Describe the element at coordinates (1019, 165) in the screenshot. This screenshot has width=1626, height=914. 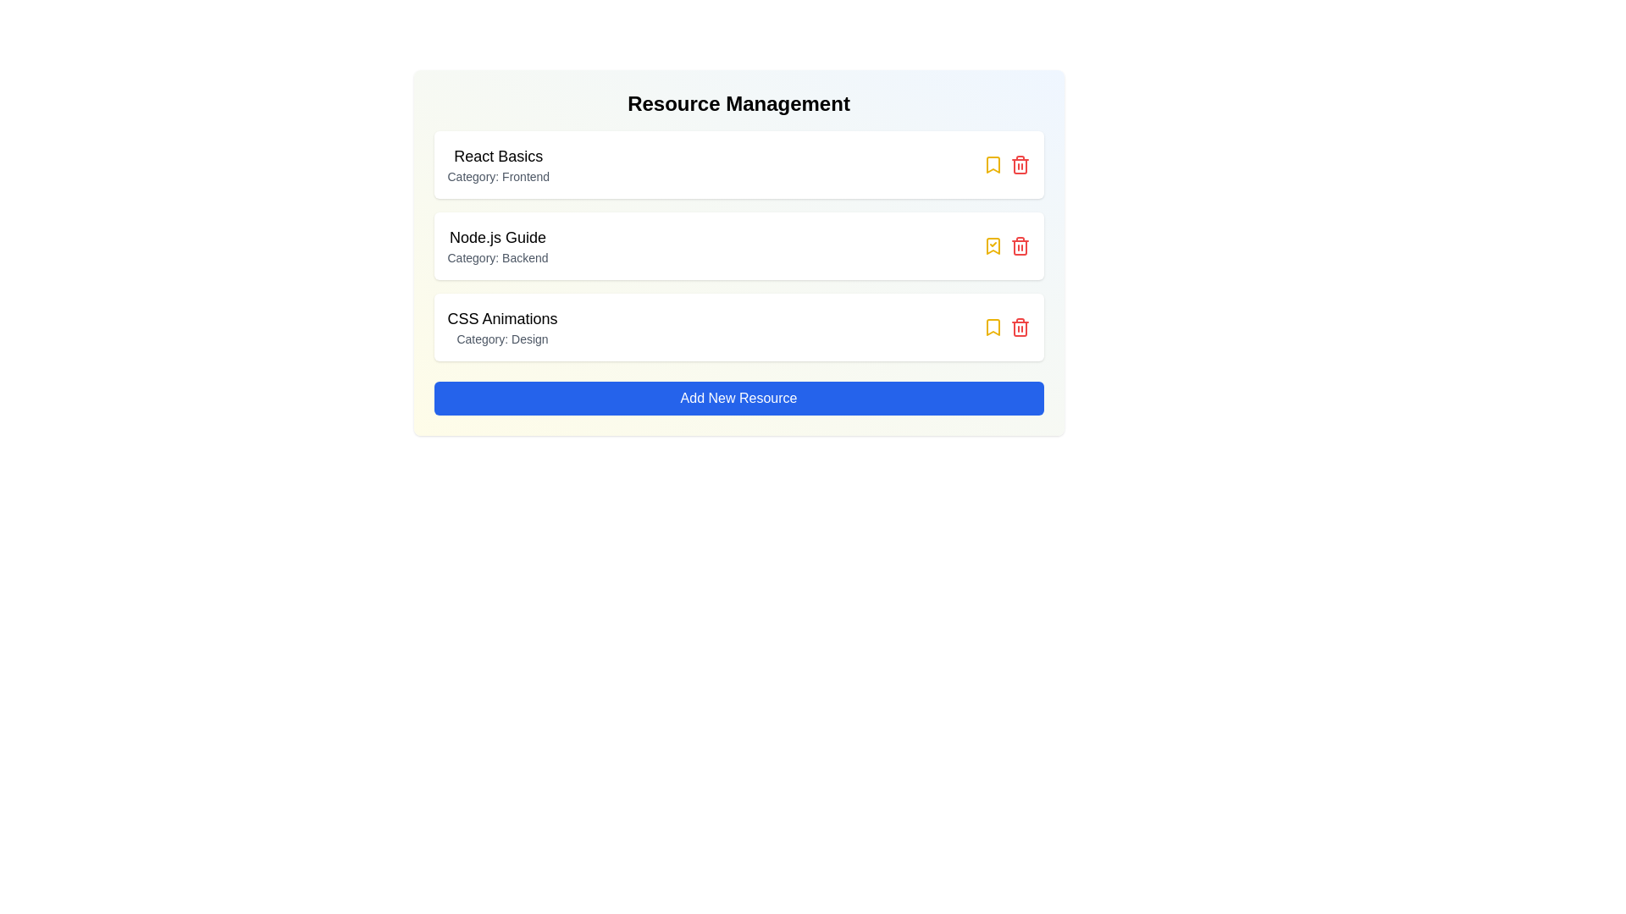
I see `trash icon for the resource titled 'React Basics'` at that location.